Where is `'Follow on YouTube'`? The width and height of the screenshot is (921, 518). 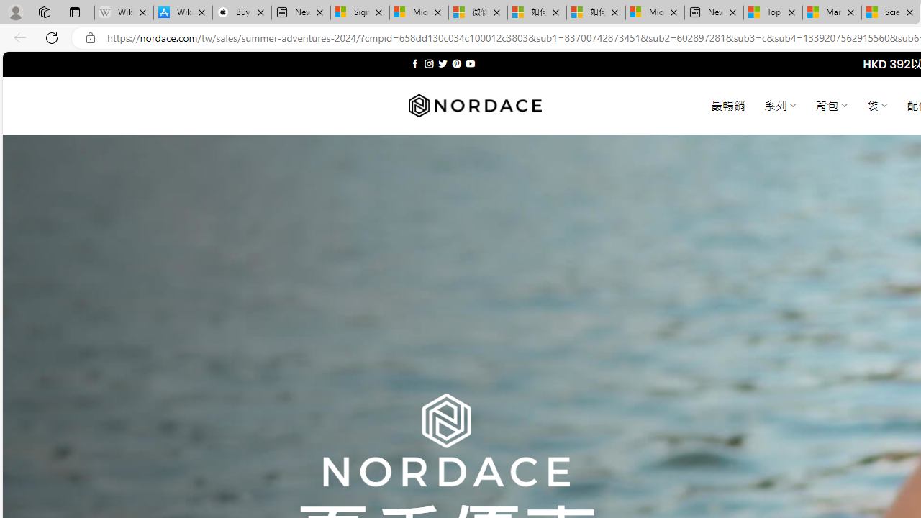
'Follow on YouTube' is located at coordinates (470, 63).